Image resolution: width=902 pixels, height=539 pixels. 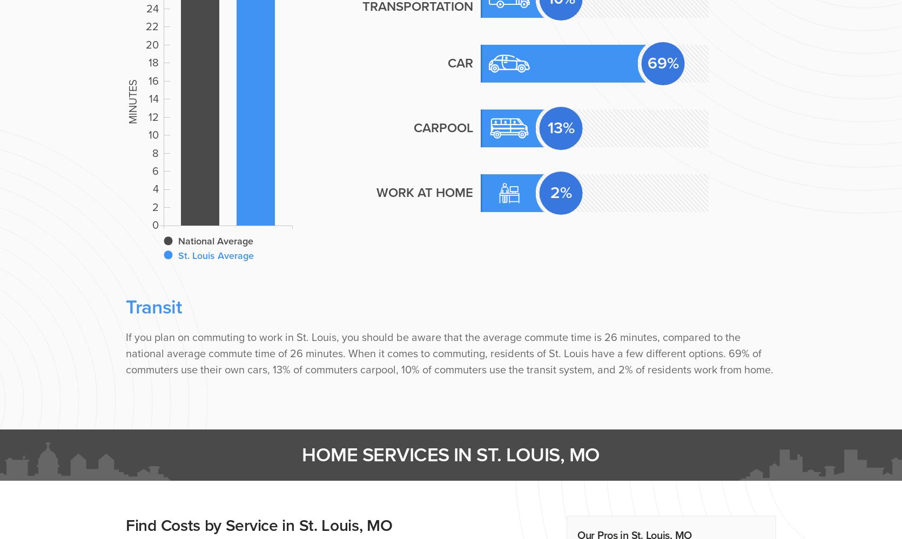 What do you see at coordinates (648, 63) in the screenshot?
I see `'69%'` at bounding box center [648, 63].